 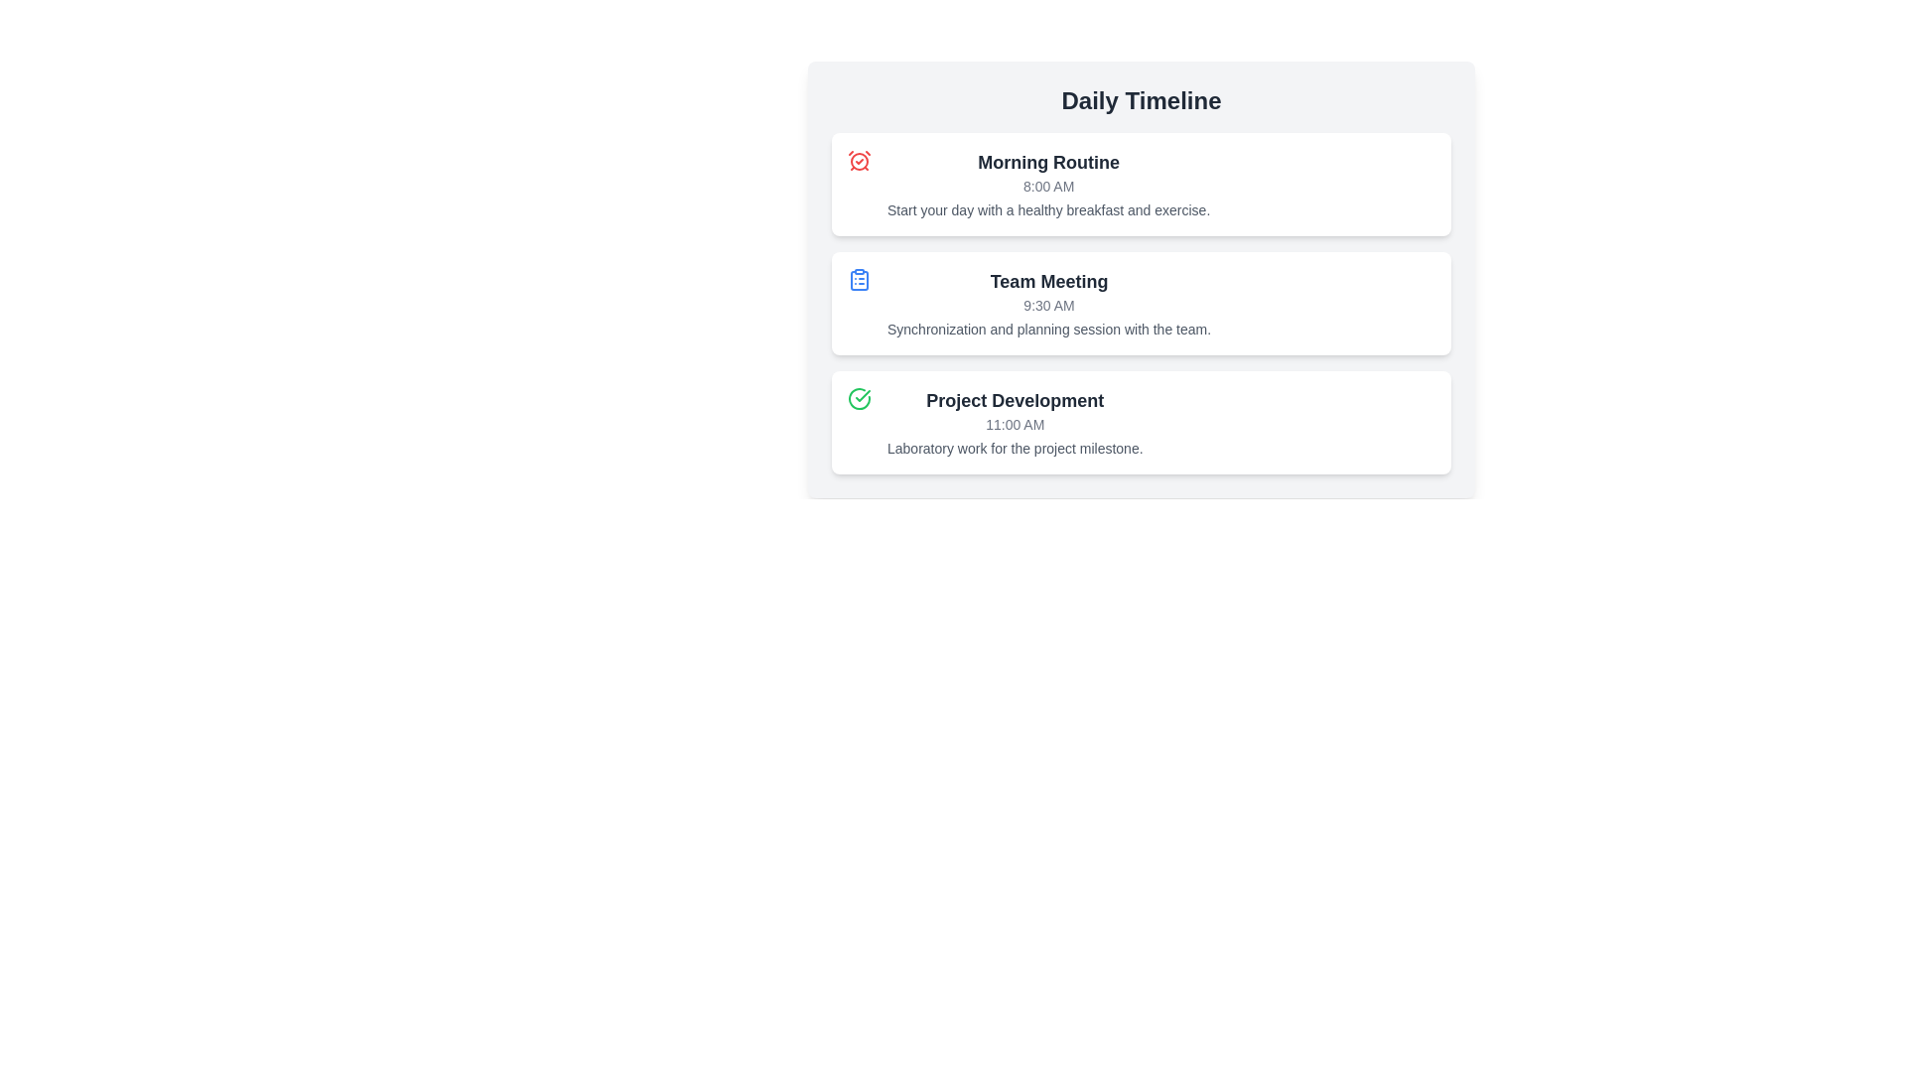 What do you see at coordinates (1142, 303) in the screenshot?
I see `the second informational card in the 'Daily Timeline' that represents a team meeting for accessibility navigation` at bounding box center [1142, 303].